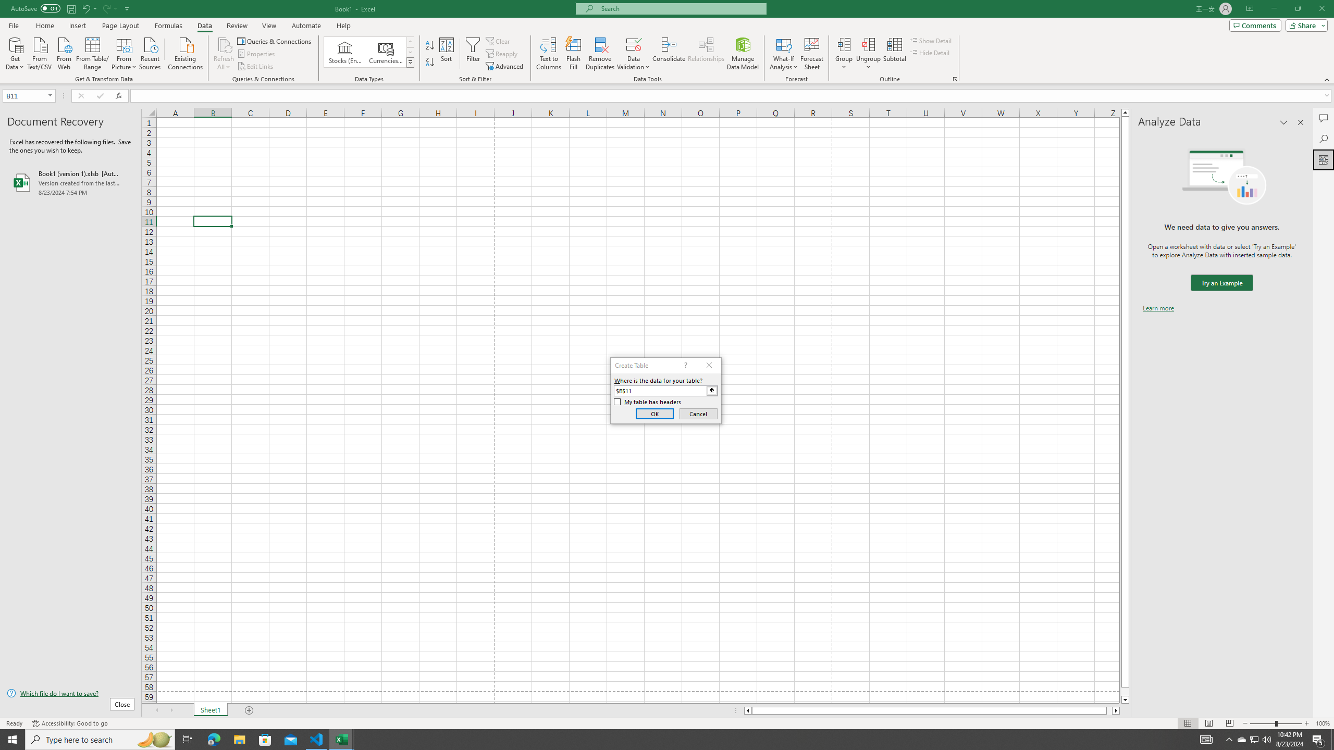  I want to click on 'Reapply', so click(503, 54).